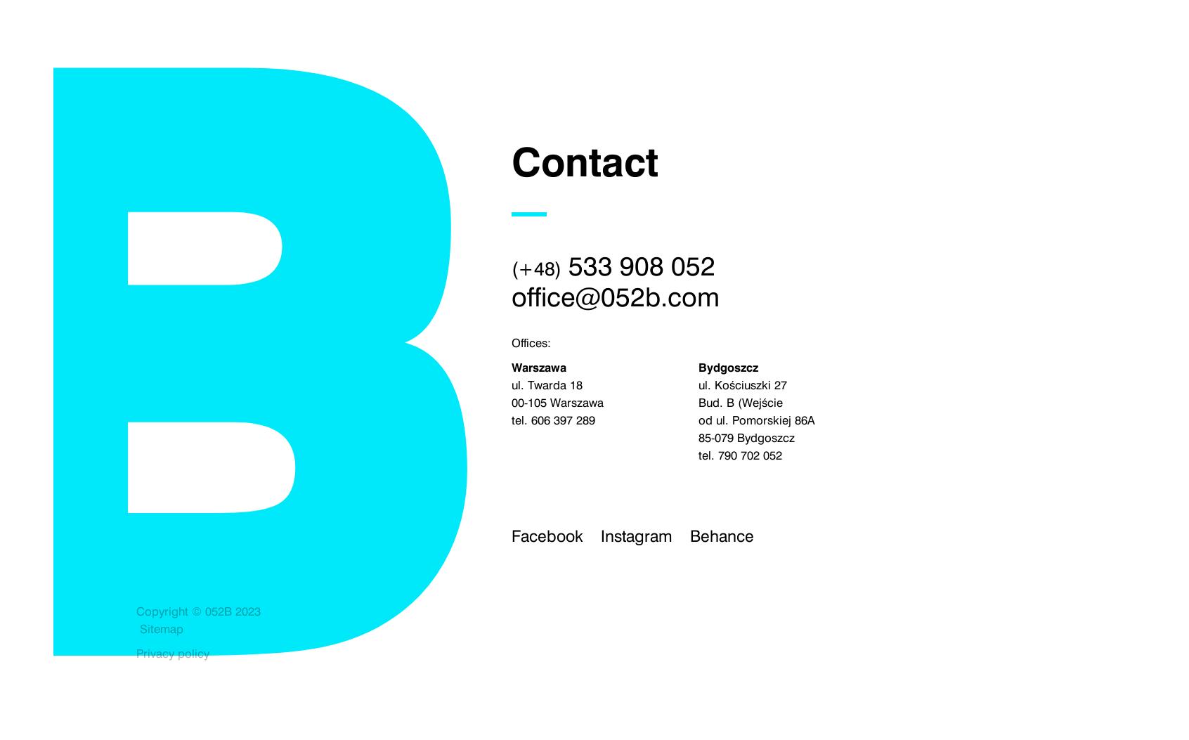 This screenshot has width=1189, height=740. Describe the element at coordinates (635, 535) in the screenshot. I see `'Instagram'` at that location.